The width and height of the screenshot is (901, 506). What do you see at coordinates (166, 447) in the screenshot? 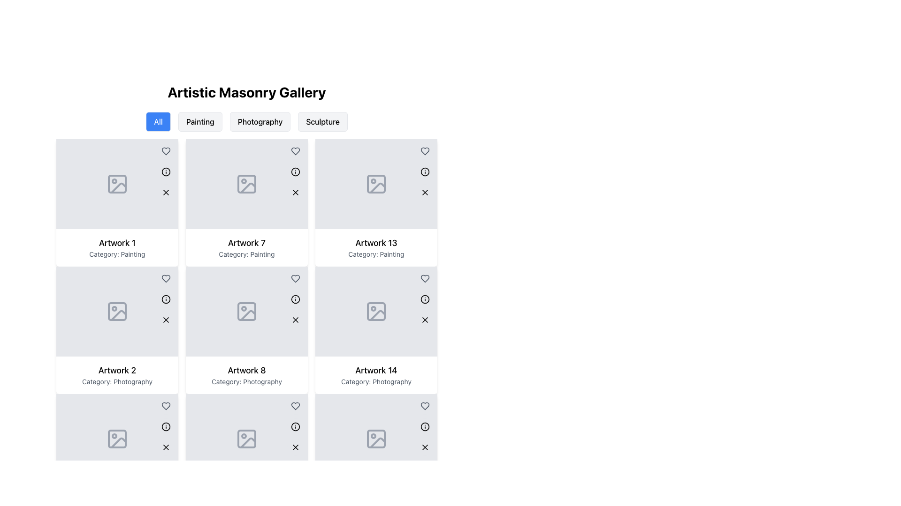
I see `the circular button with a light gray background and a black 'X' icon located in the bottom-right corner of the card for 'Artwork 2'` at bounding box center [166, 447].